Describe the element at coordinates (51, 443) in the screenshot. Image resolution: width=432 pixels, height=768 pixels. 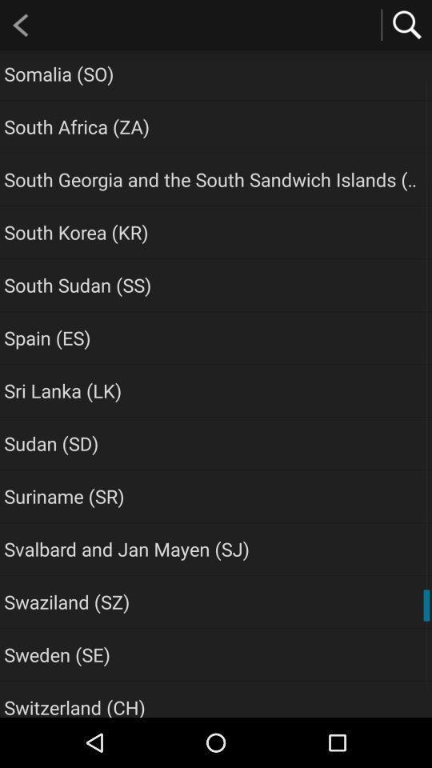
I see `item above the suriname (sr) app` at that location.